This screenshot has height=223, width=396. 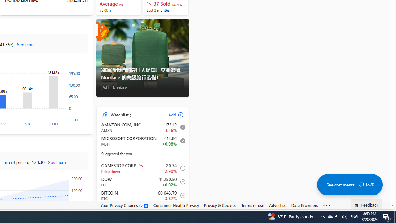 What do you see at coordinates (142, 195) in the screenshot?
I see `'BTC Bitcoin decrease 60,043.79 -2,323.69 -3.87% item2'` at bounding box center [142, 195].